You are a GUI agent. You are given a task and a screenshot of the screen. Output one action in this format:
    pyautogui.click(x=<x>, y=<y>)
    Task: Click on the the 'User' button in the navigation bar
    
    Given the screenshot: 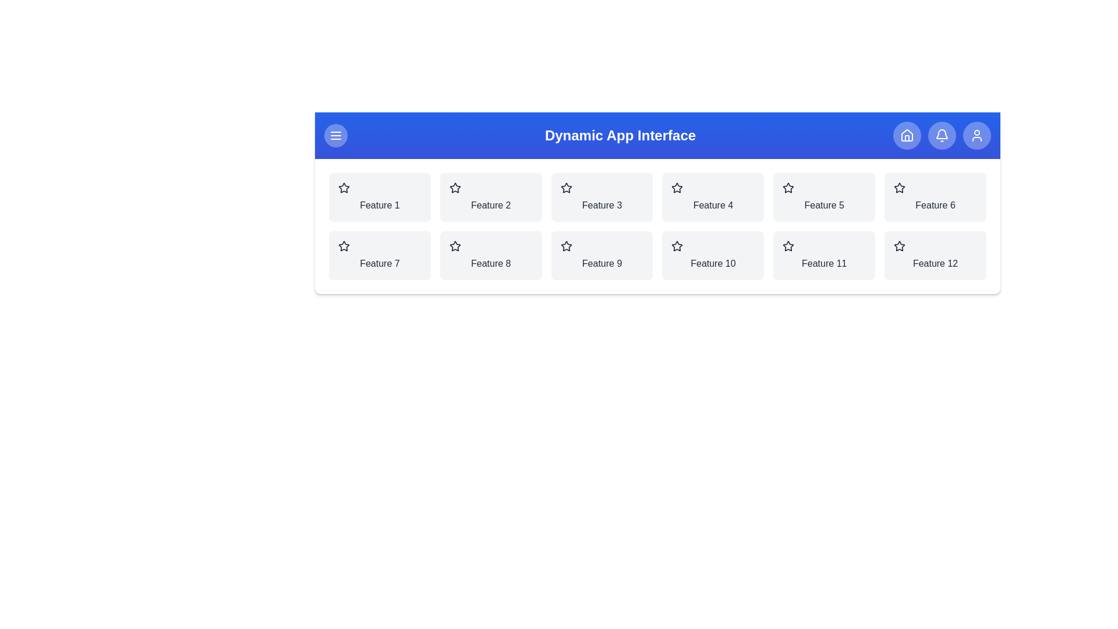 What is the action you would take?
    pyautogui.click(x=977, y=135)
    